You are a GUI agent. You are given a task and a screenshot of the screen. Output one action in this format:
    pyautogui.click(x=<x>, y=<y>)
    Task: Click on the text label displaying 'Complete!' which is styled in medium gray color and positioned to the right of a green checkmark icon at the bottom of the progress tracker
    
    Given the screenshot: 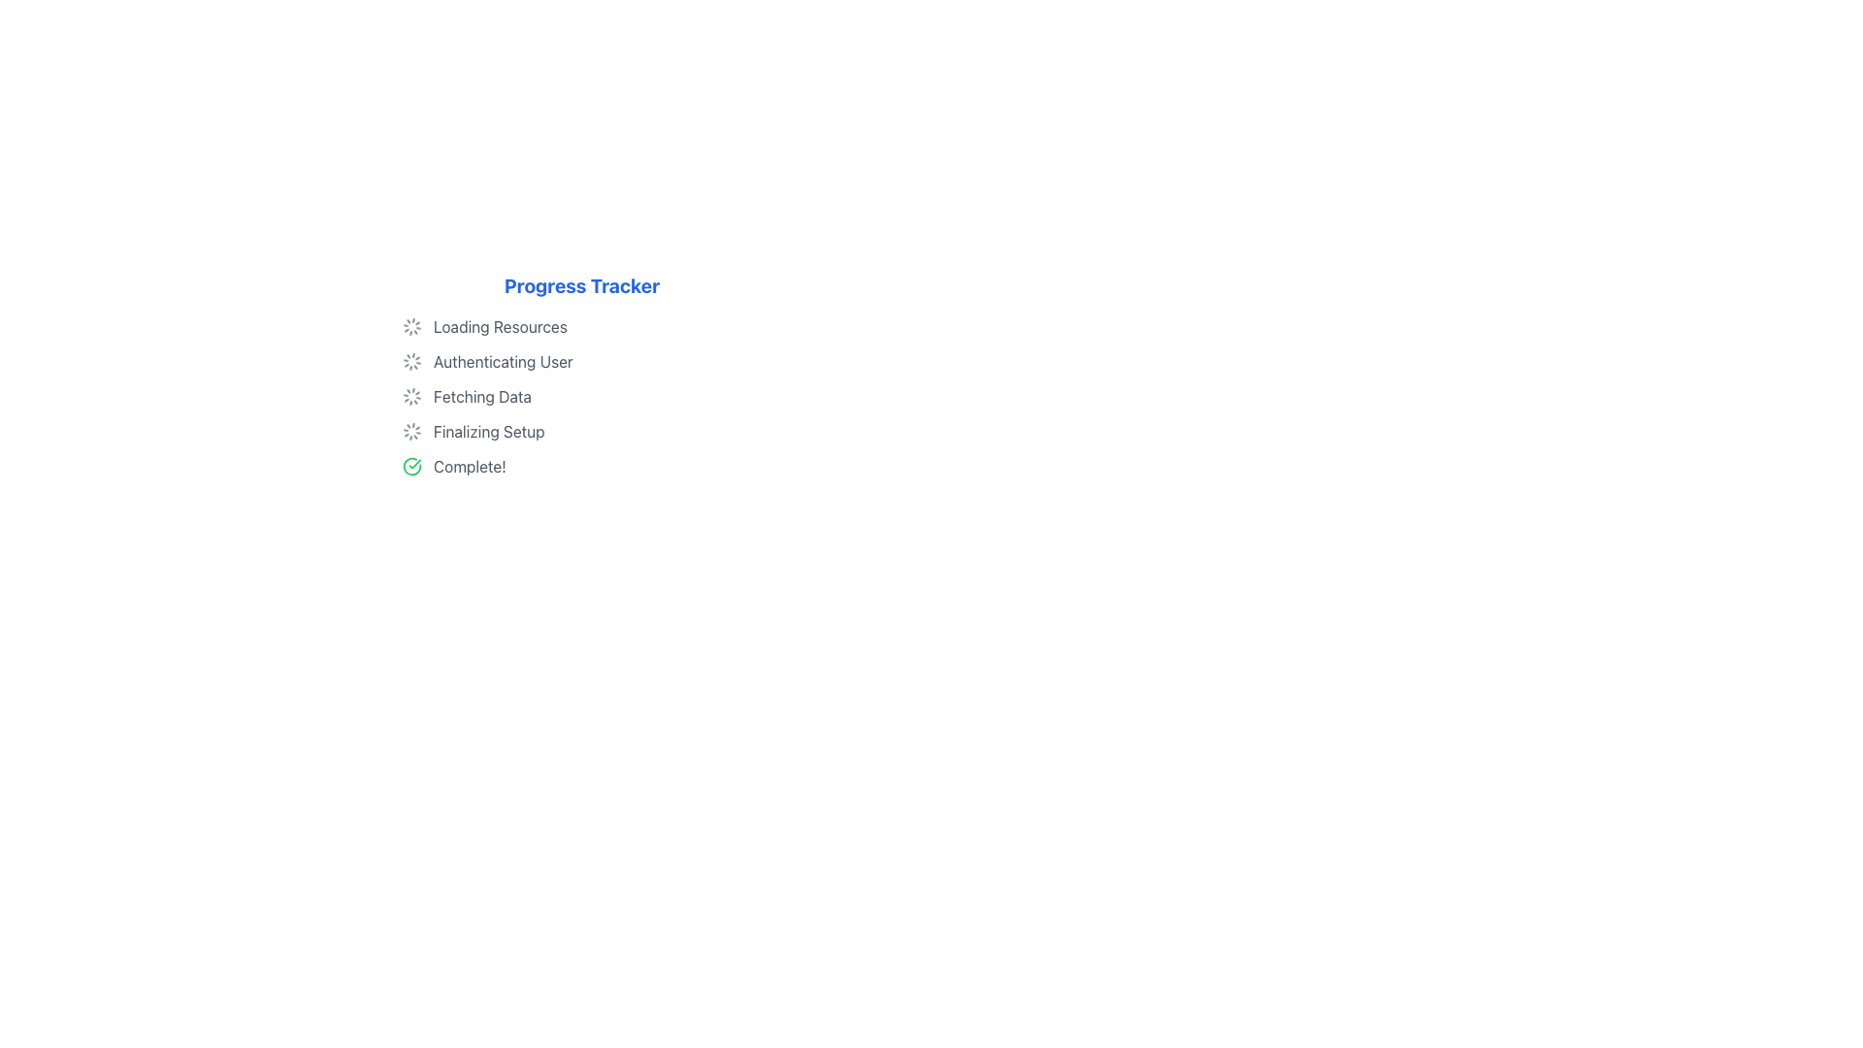 What is the action you would take?
    pyautogui.click(x=470, y=467)
    